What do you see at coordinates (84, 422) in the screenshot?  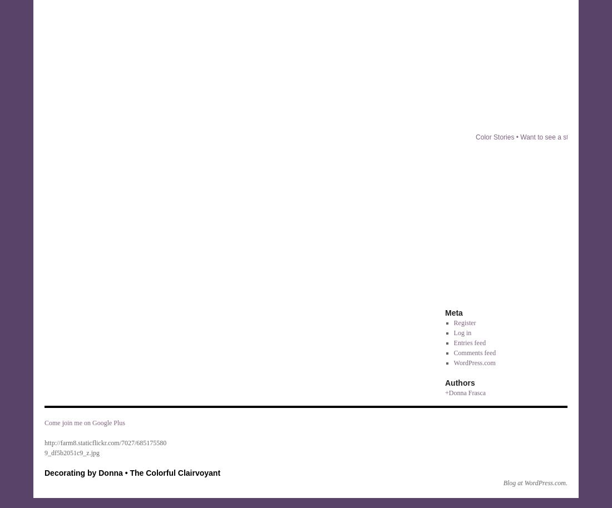 I see `'Come join me on Google Plus'` at bounding box center [84, 422].